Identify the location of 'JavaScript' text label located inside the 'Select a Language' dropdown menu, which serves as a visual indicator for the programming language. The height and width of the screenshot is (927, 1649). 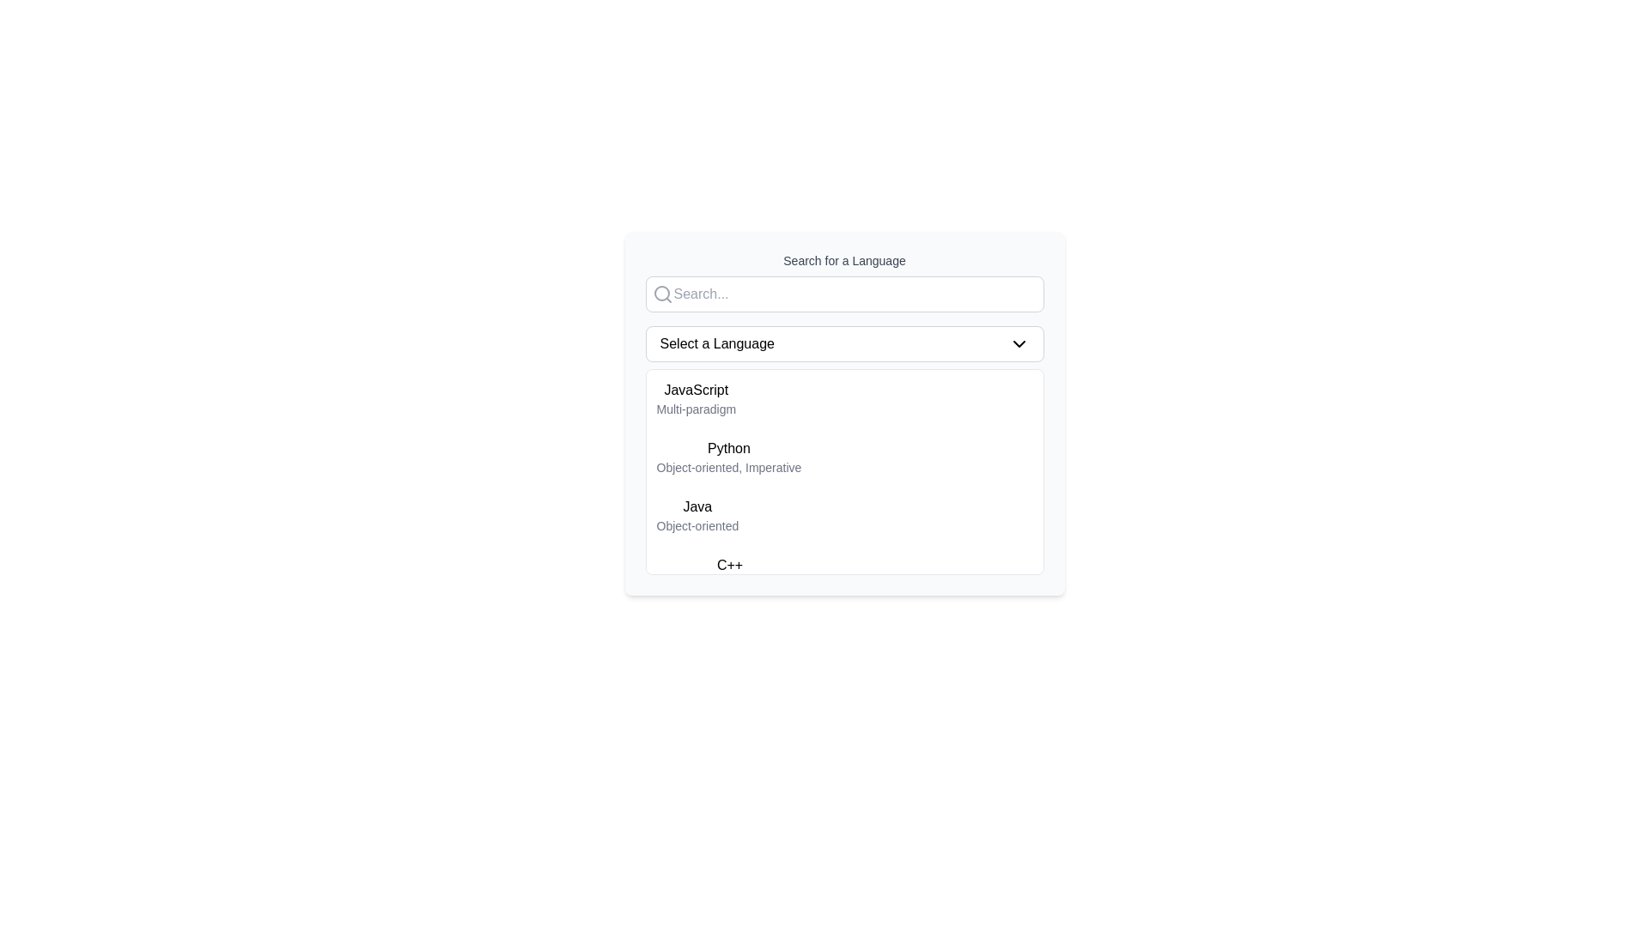
(696, 391).